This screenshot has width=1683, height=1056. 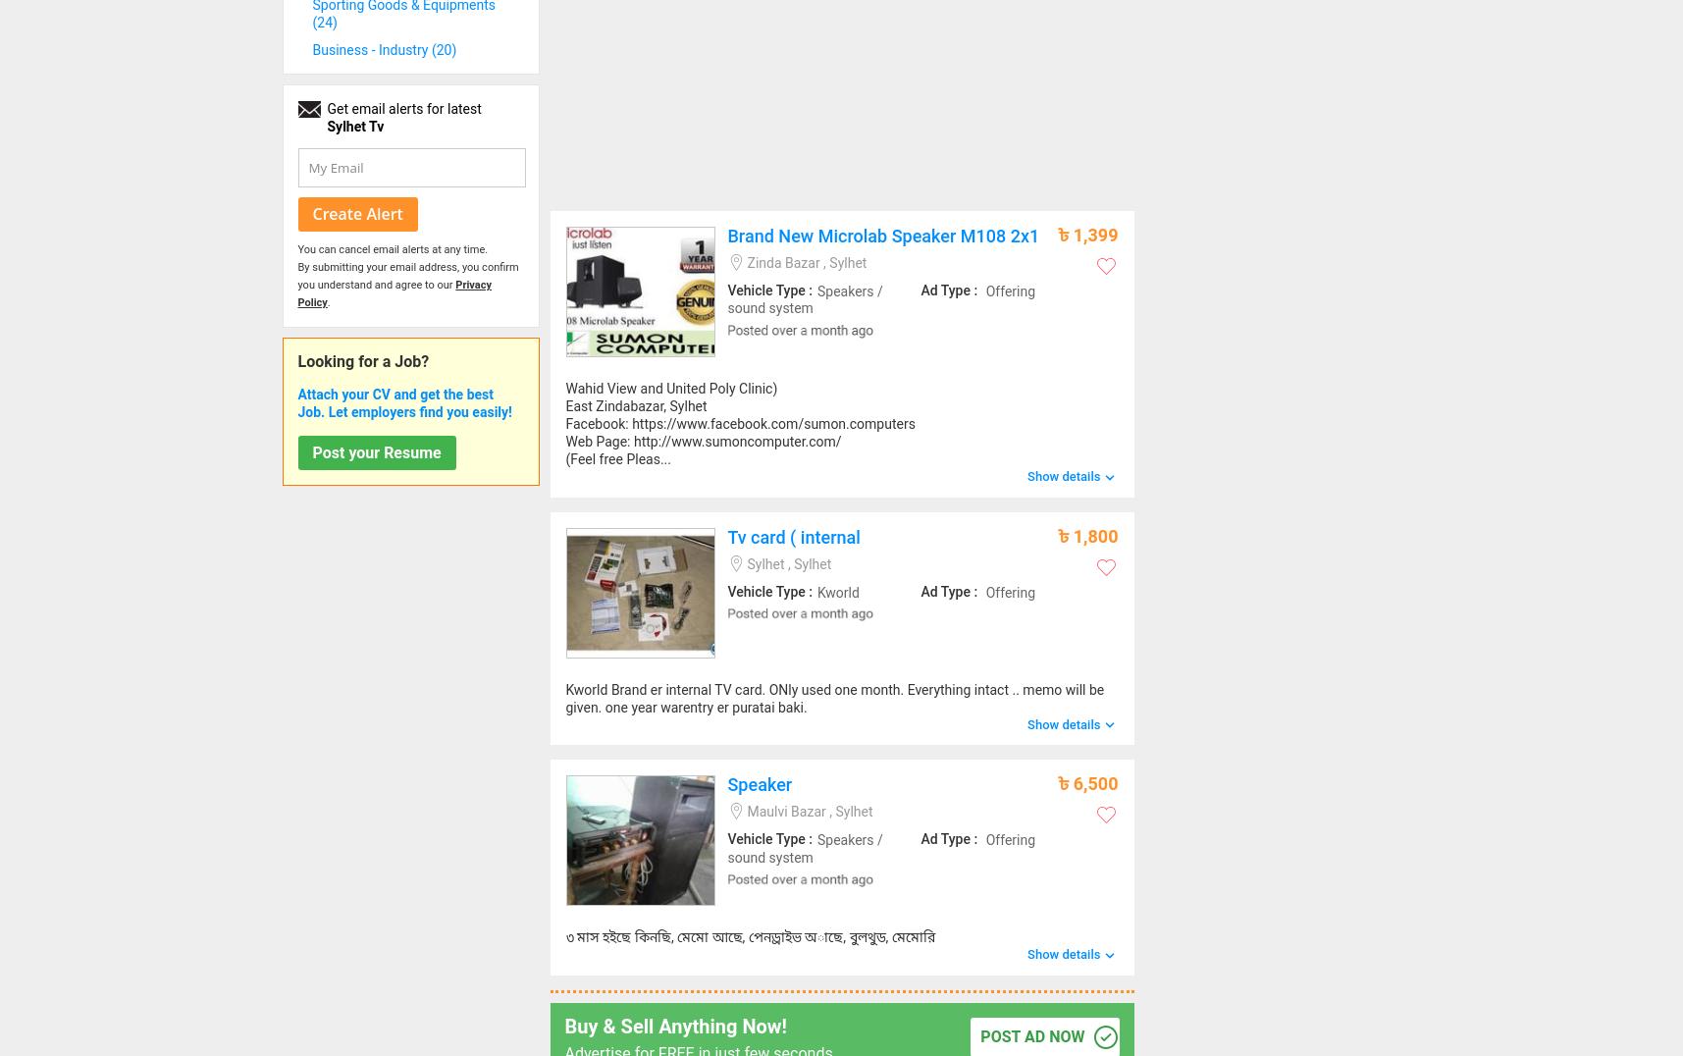 What do you see at coordinates (792, 535) in the screenshot?
I see `'Tv card ( internal'` at bounding box center [792, 535].